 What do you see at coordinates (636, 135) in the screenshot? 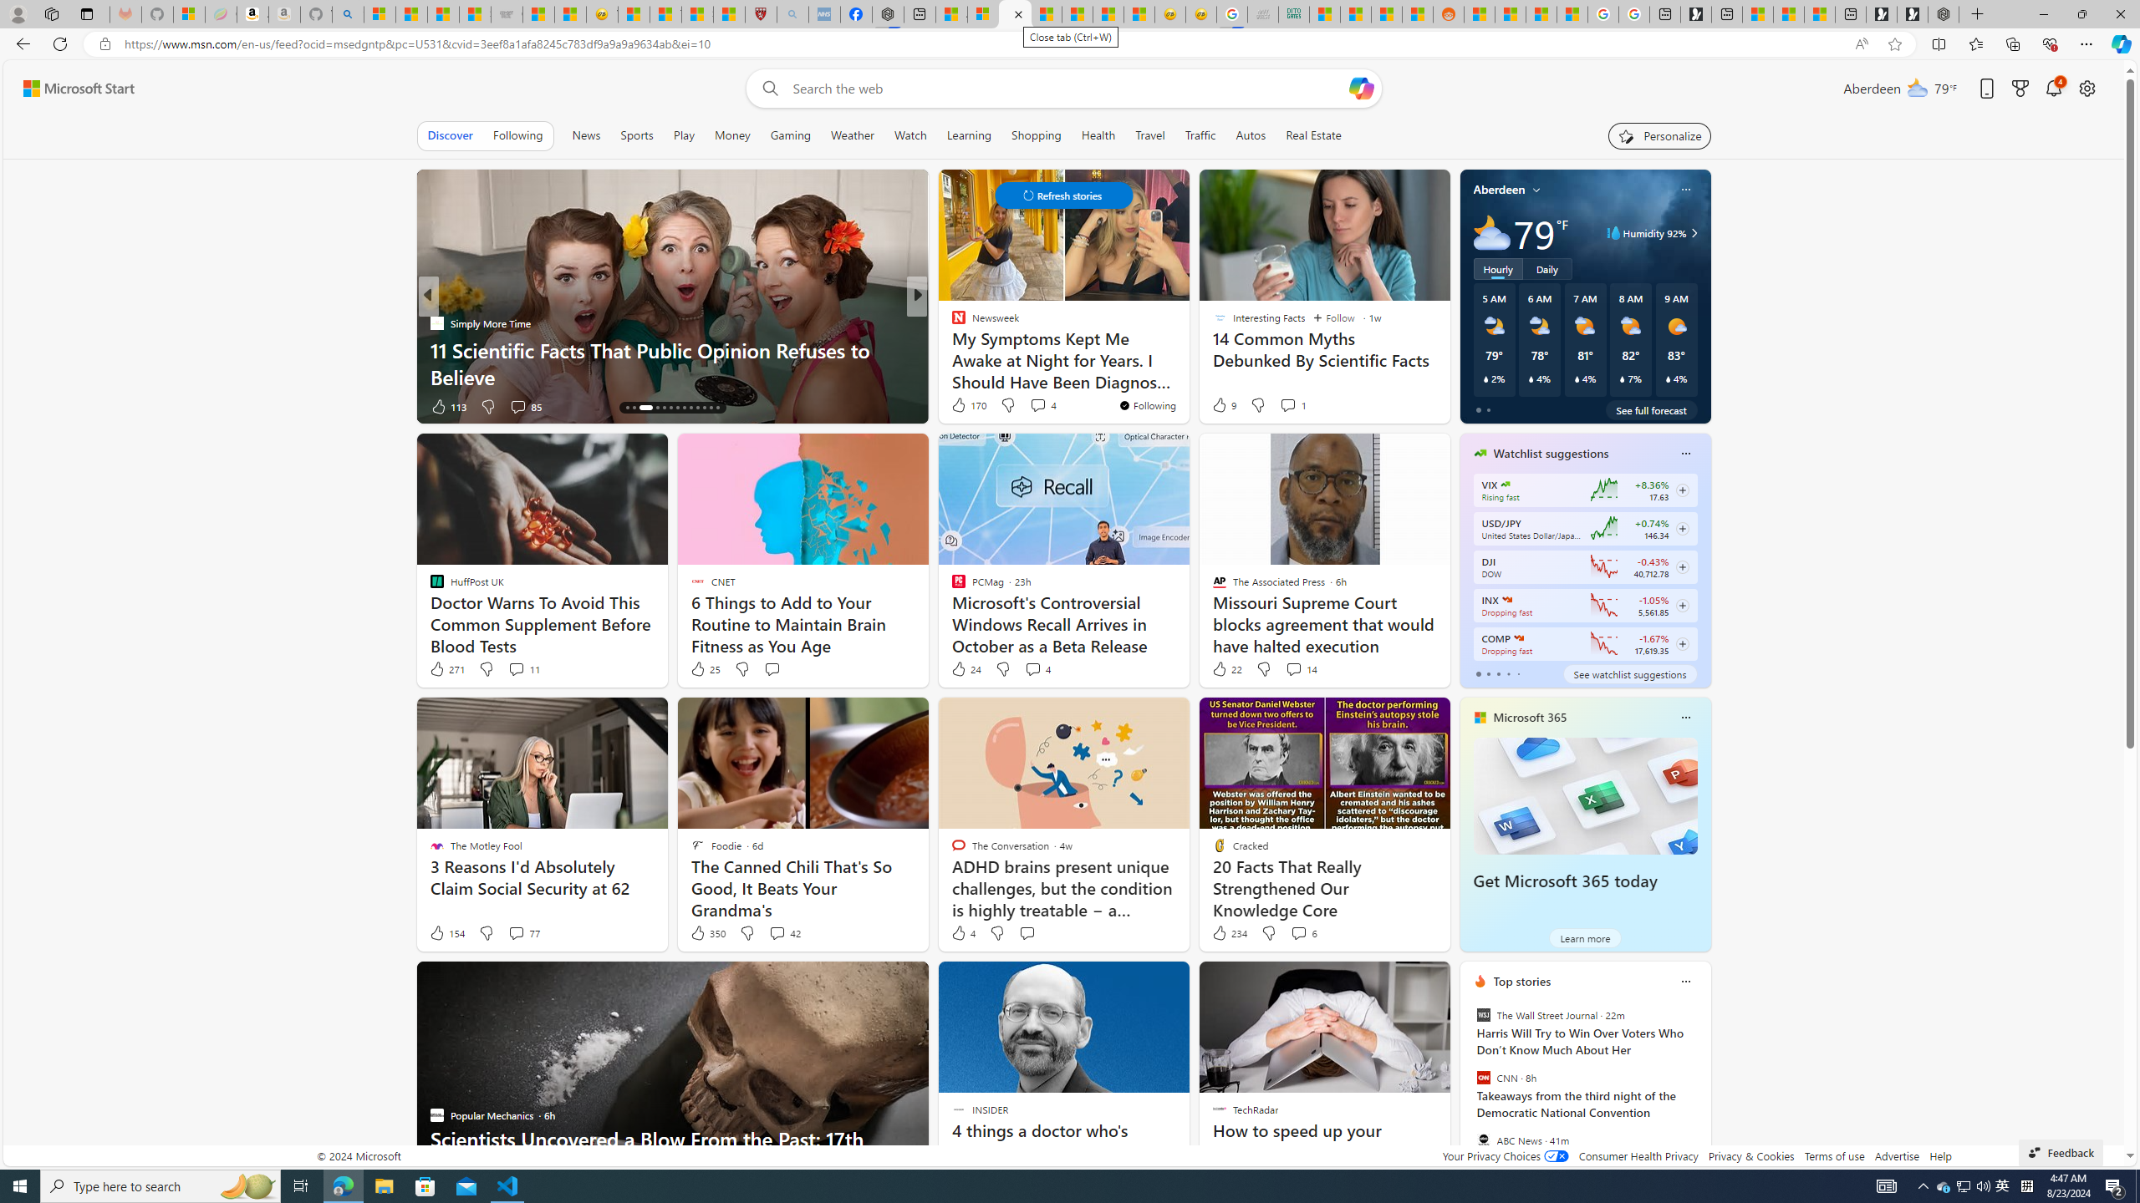
I see `'Sports'` at bounding box center [636, 135].